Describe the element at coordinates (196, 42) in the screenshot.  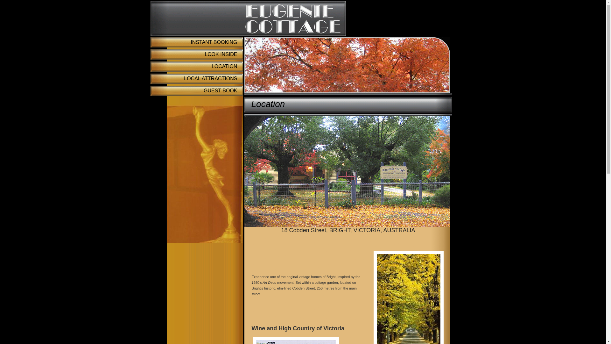
I see `'INSTANT BOOKING'` at that location.